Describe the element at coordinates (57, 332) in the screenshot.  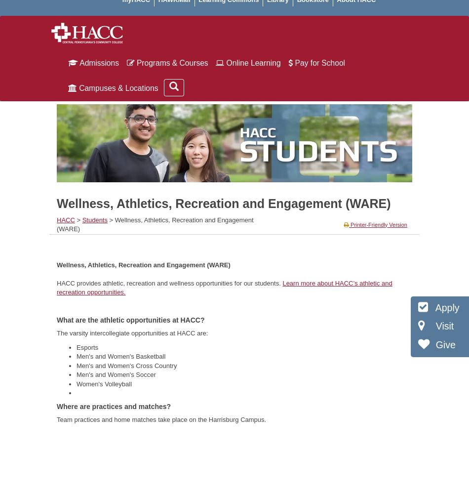
I see `'The varsity intercollegiate opportunities at HACC are:'` at that location.